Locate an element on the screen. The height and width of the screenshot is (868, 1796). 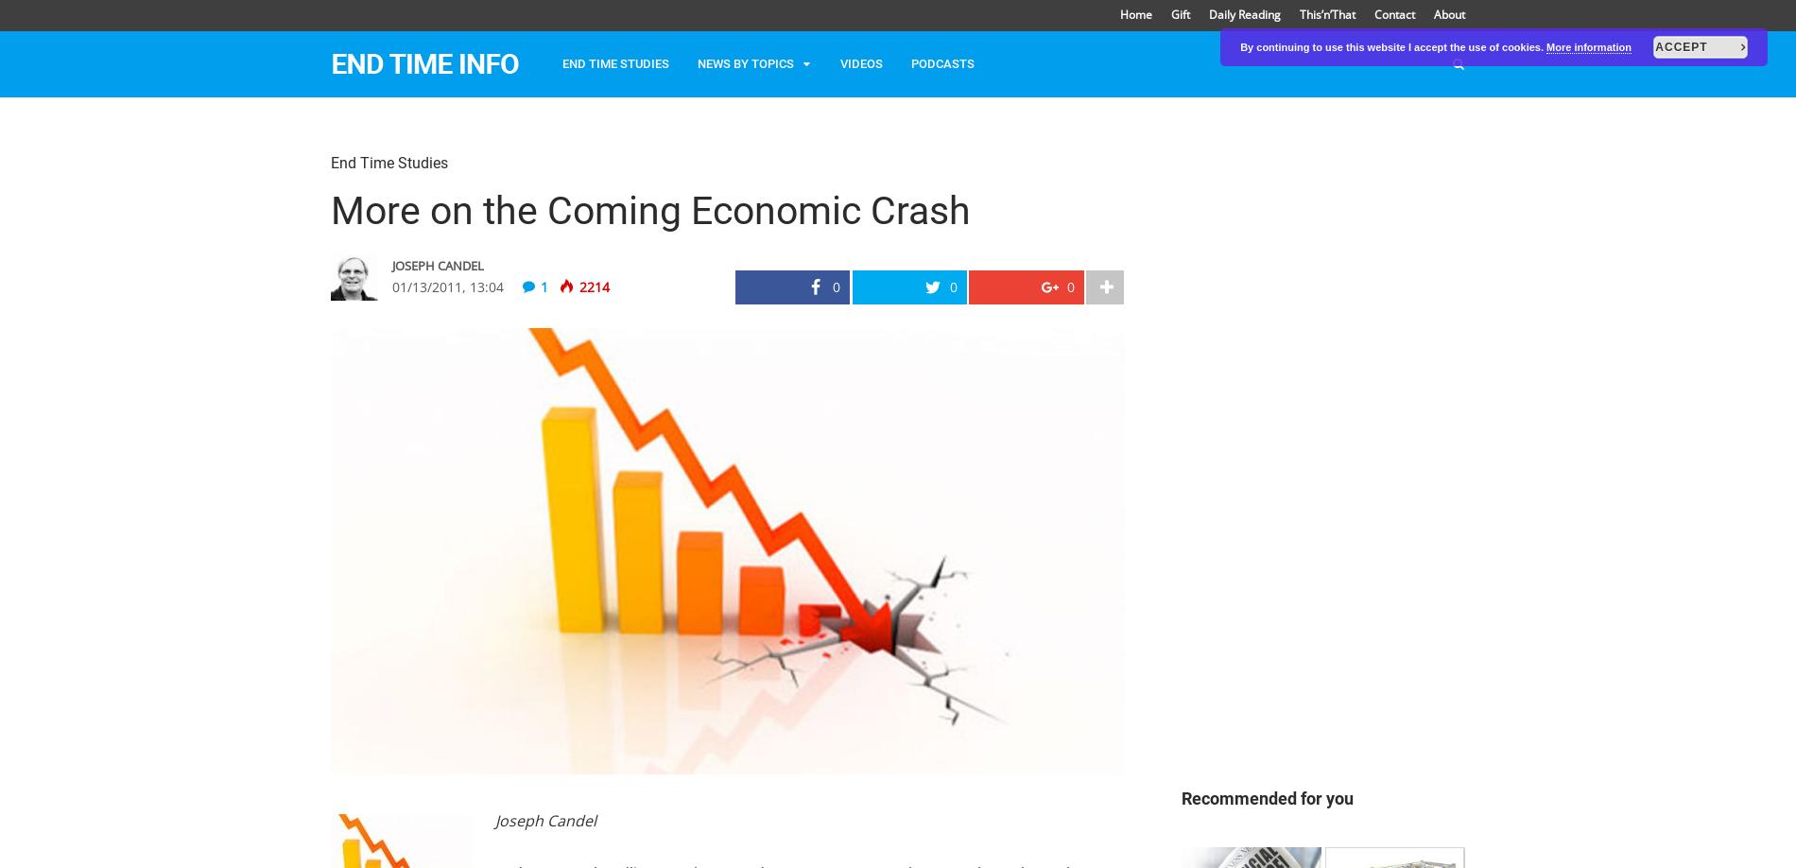
'01/13/2011, 13:04' is located at coordinates (447, 285).